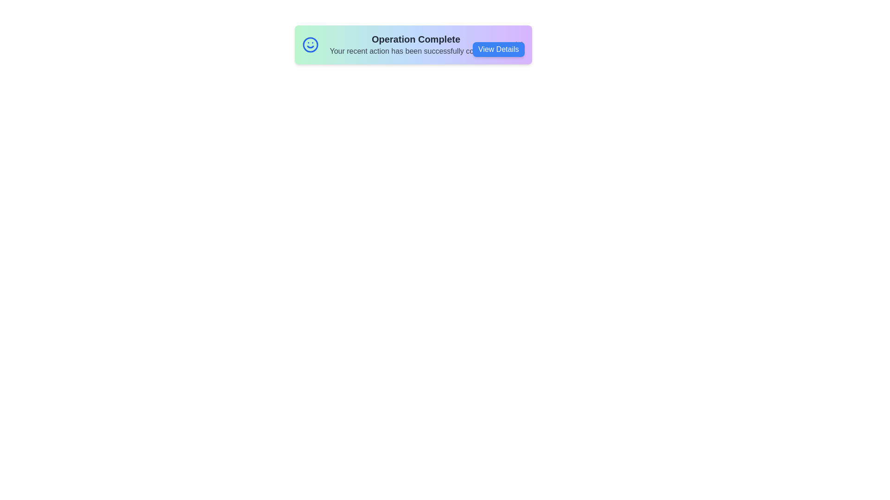 Image resolution: width=890 pixels, height=500 pixels. What do you see at coordinates (498, 50) in the screenshot?
I see `the 'View Details' button to toggle the visibility of additional details` at bounding box center [498, 50].